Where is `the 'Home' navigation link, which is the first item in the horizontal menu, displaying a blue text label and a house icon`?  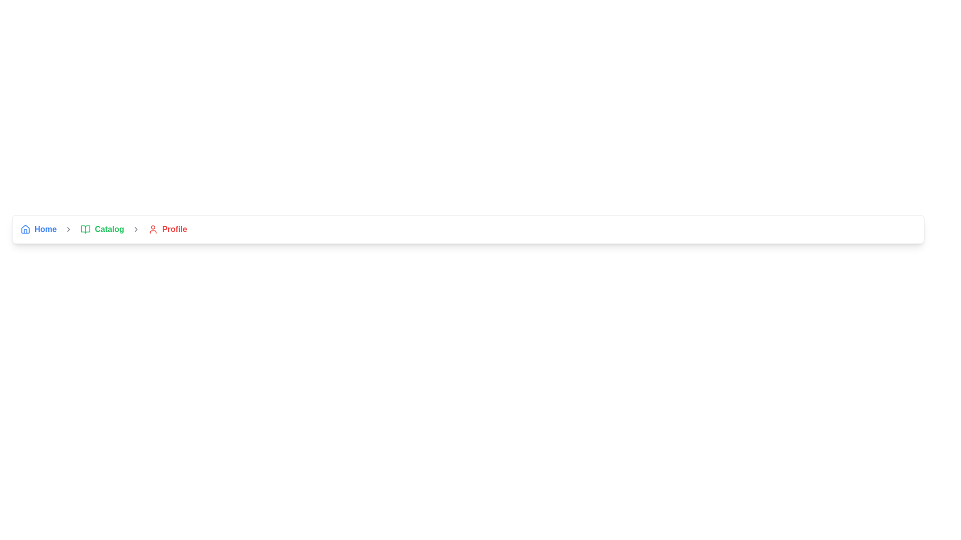 the 'Home' navigation link, which is the first item in the horizontal menu, displaying a blue text label and a house icon is located at coordinates (39, 229).